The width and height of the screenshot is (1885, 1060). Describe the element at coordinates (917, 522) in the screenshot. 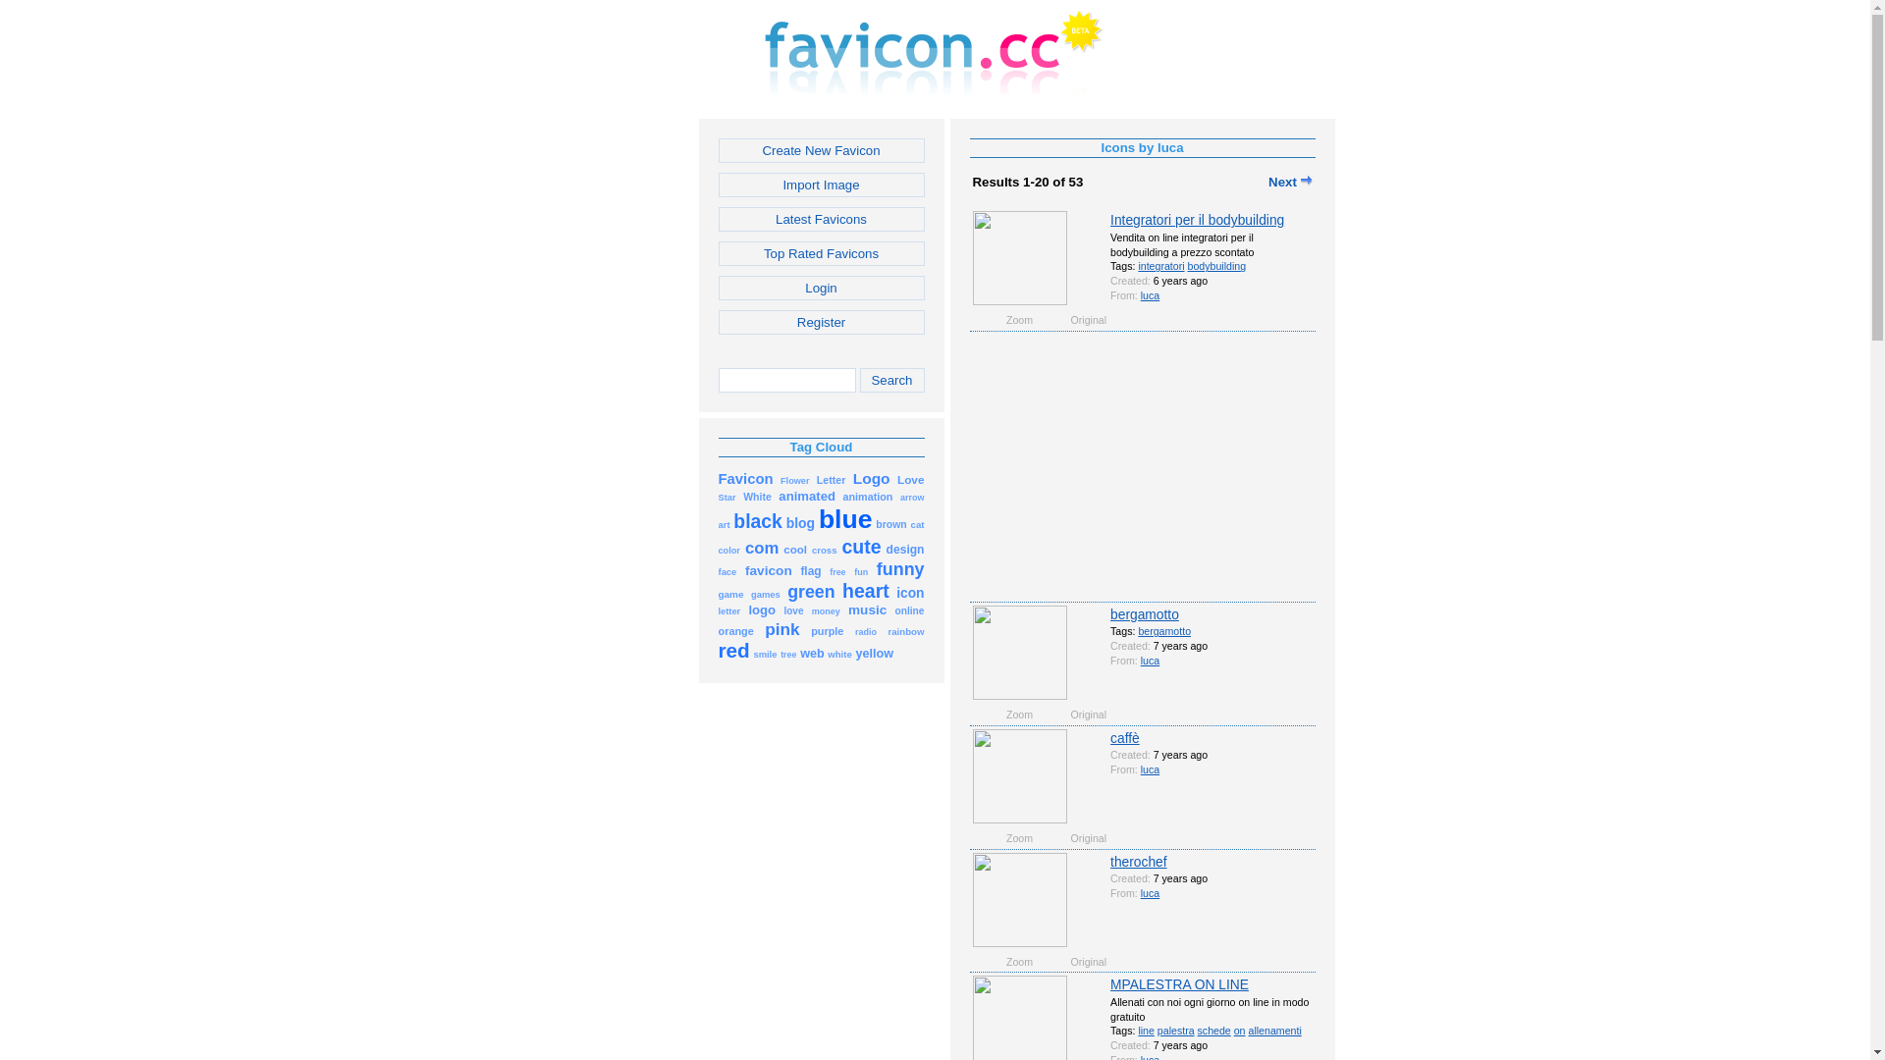

I see `'cat'` at that location.